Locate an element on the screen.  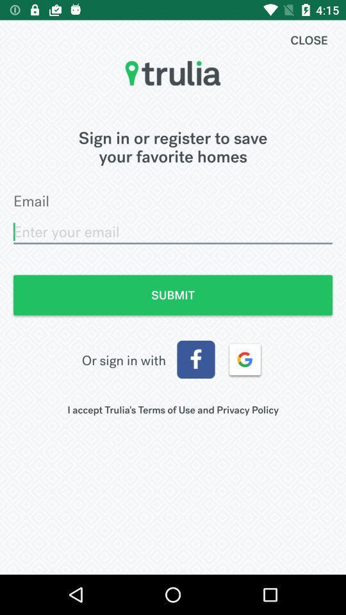
close is located at coordinates (308, 40).